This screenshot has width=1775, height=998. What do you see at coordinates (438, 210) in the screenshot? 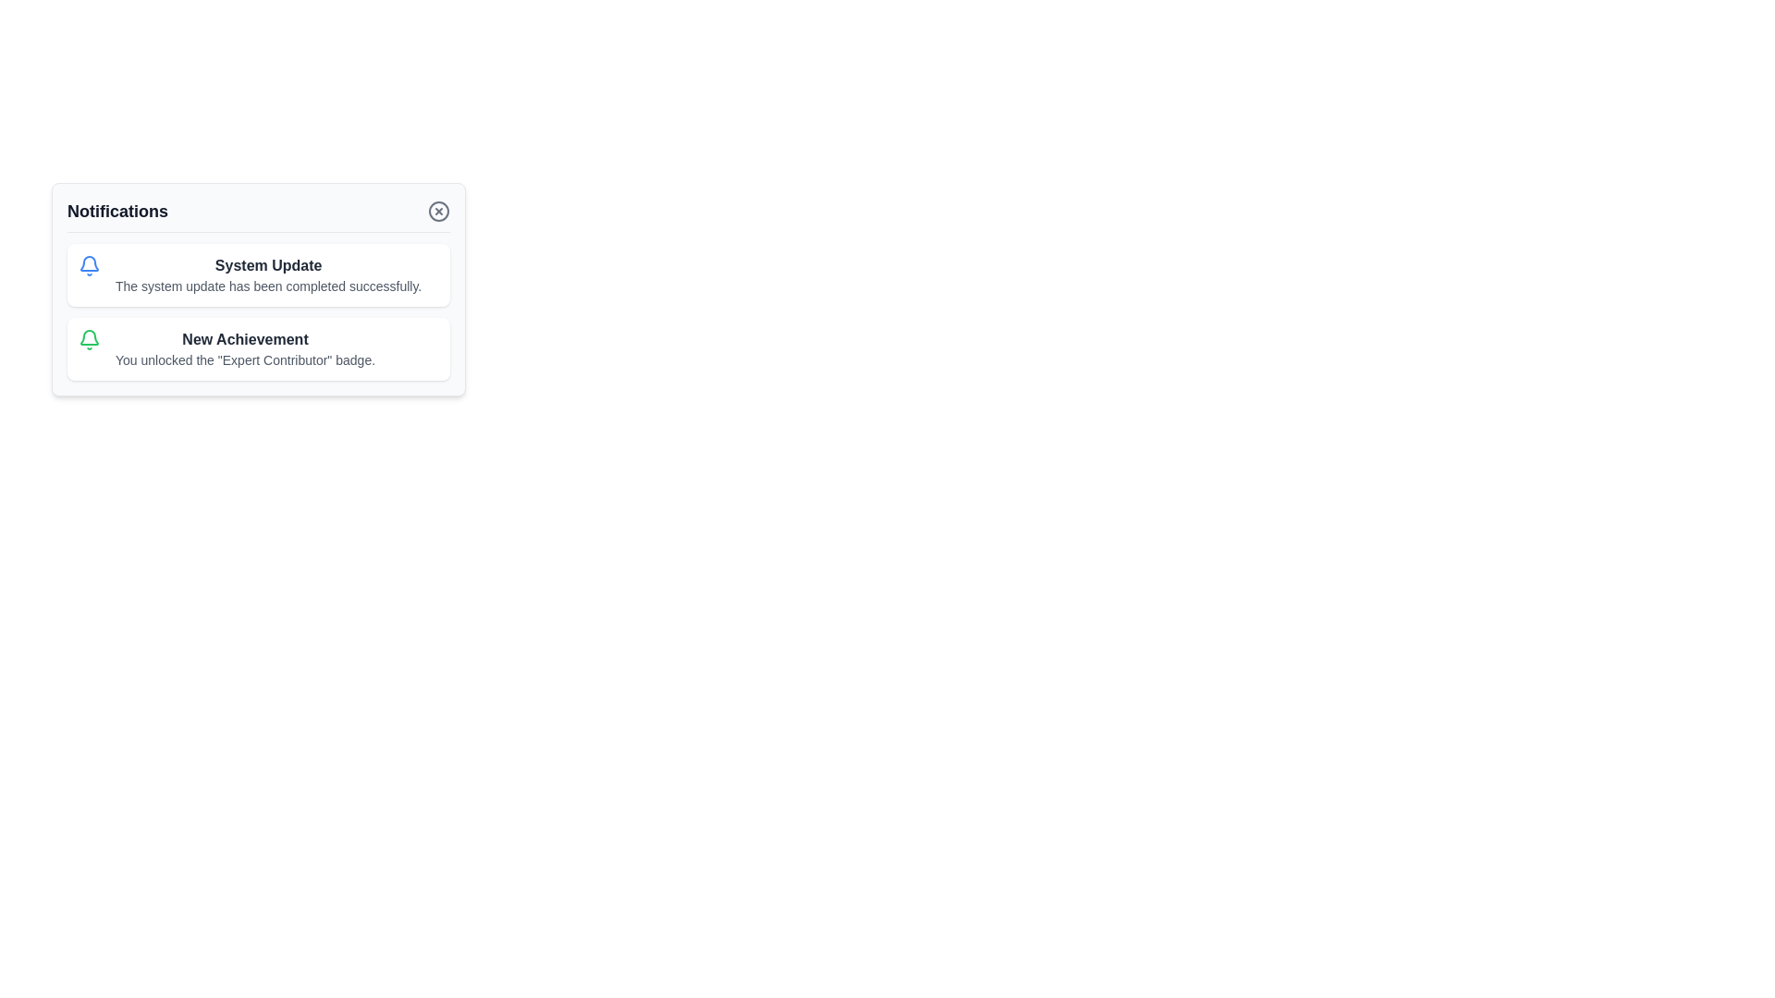
I see `the circular shape of the SVG icon located at the top-right corner of the notification panel, which is slightly above the notification's title text and right of the notification content` at bounding box center [438, 210].